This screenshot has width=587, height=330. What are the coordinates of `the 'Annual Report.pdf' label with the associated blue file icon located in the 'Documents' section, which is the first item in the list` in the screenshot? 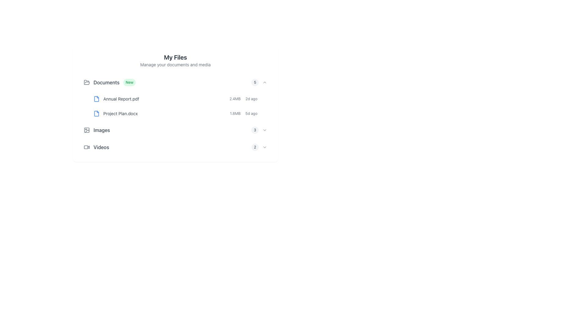 It's located at (116, 99).